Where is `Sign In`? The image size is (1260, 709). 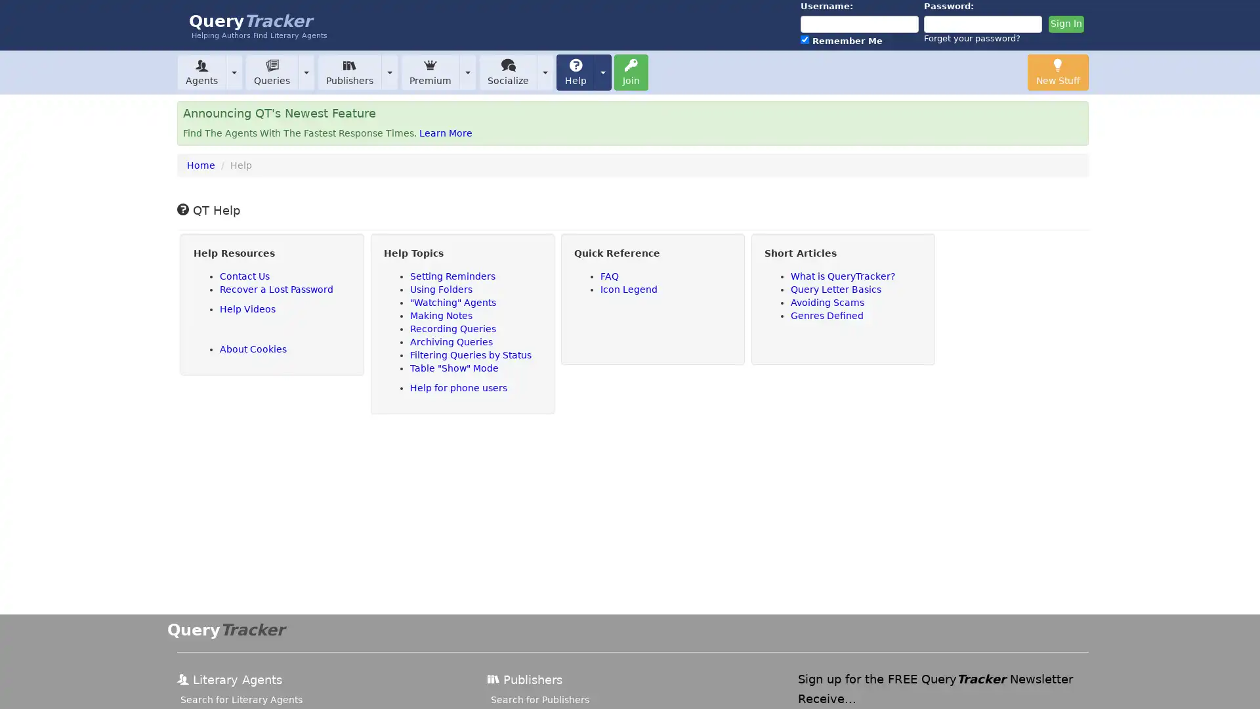
Sign In is located at coordinates (1065, 24).